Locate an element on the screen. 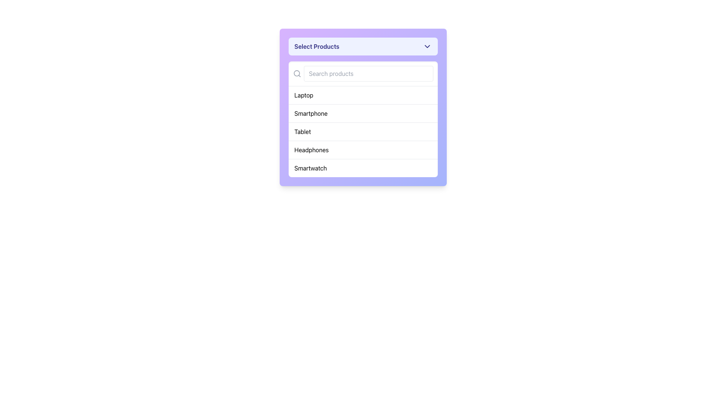  the selectable text item reading 'Tablet' is located at coordinates (302, 131).